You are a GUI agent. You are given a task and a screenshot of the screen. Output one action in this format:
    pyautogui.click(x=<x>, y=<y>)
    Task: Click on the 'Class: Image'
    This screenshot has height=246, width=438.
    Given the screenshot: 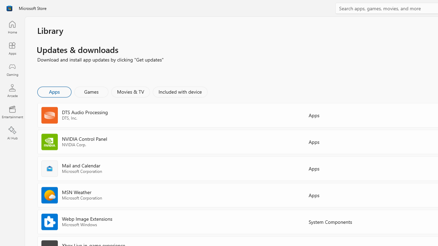 What is the action you would take?
    pyautogui.click(x=9, y=8)
    